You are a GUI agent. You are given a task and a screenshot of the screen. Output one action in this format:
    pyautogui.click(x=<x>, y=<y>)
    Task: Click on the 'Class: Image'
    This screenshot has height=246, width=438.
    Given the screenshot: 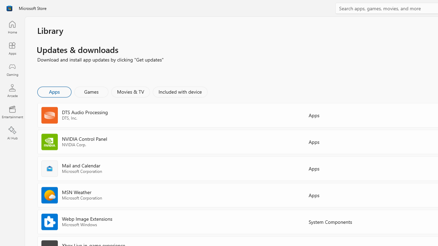 What is the action you would take?
    pyautogui.click(x=9, y=8)
    